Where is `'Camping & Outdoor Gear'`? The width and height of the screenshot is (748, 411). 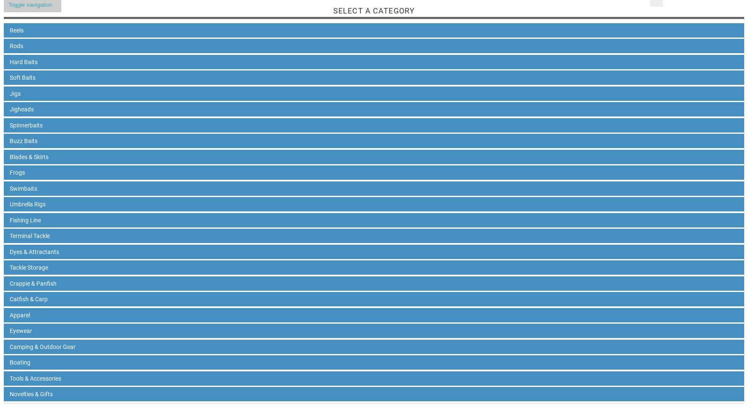
'Camping & Outdoor Gear' is located at coordinates (9, 346).